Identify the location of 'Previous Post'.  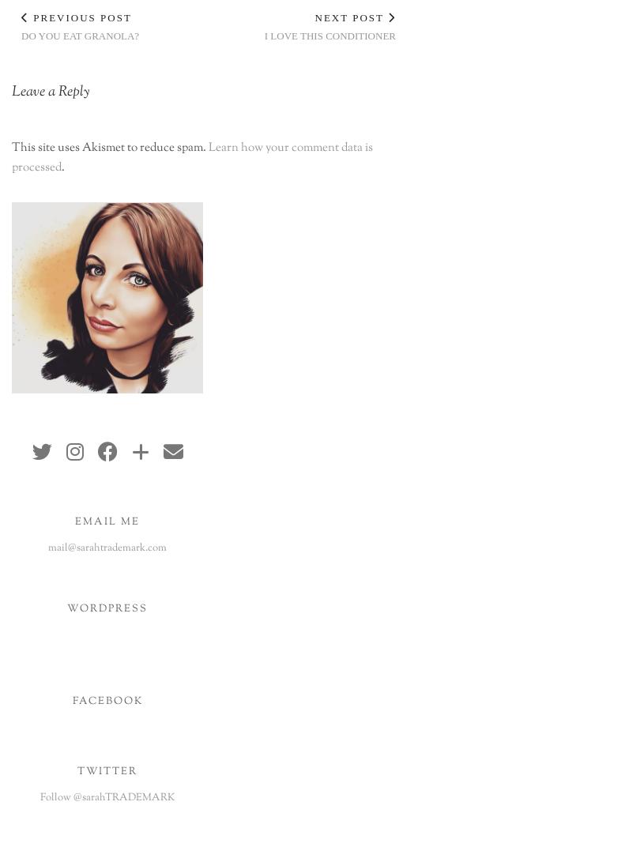
(79, 17).